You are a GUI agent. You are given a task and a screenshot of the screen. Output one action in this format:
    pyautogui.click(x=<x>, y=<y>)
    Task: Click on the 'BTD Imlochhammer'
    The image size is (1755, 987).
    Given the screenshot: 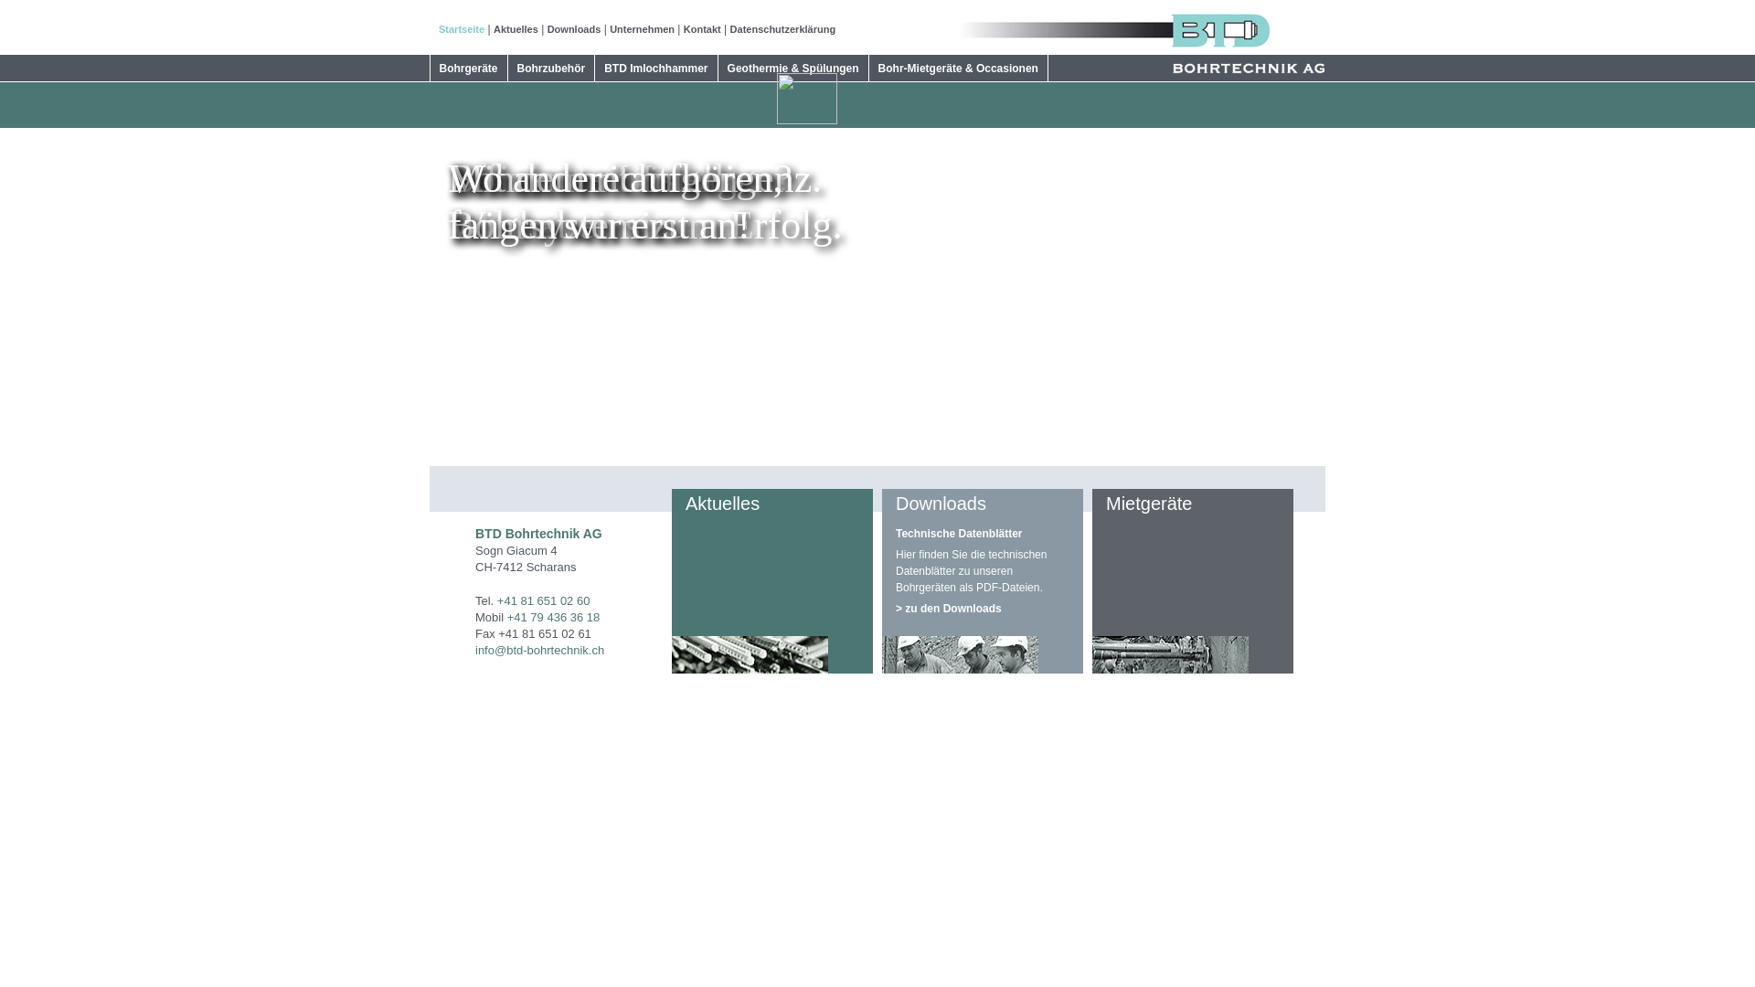 What is the action you would take?
    pyautogui.click(x=655, y=67)
    